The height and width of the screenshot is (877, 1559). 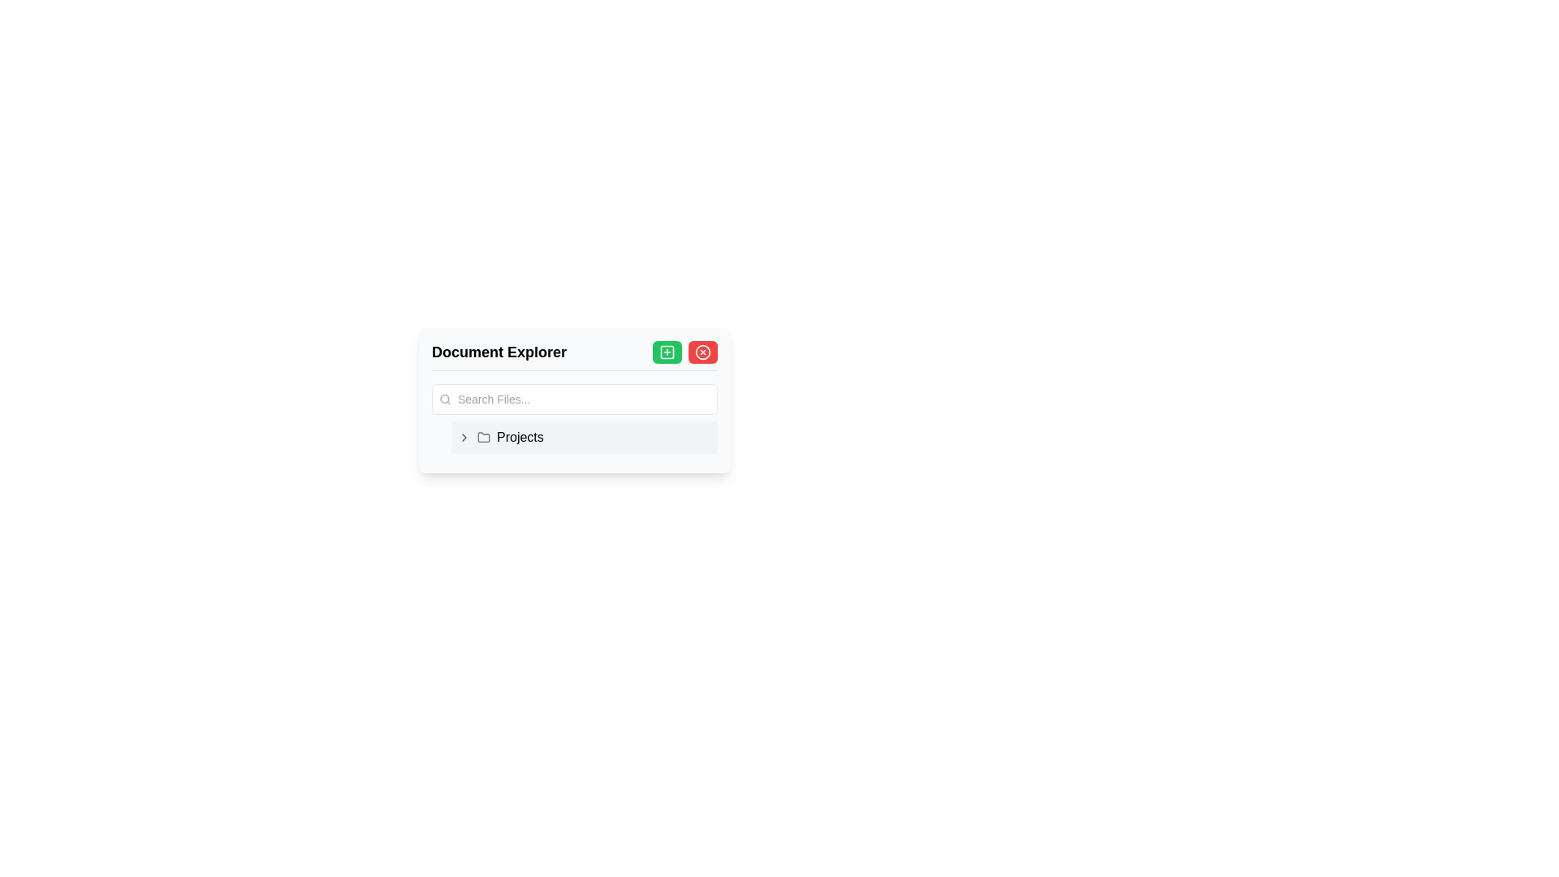 What do you see at coordinates (667, 352) in the screenshot?
I see `the addition icon located within the green button at the top-right corner of the 'Document Explorer' panel` at bounding box center [667, 352].